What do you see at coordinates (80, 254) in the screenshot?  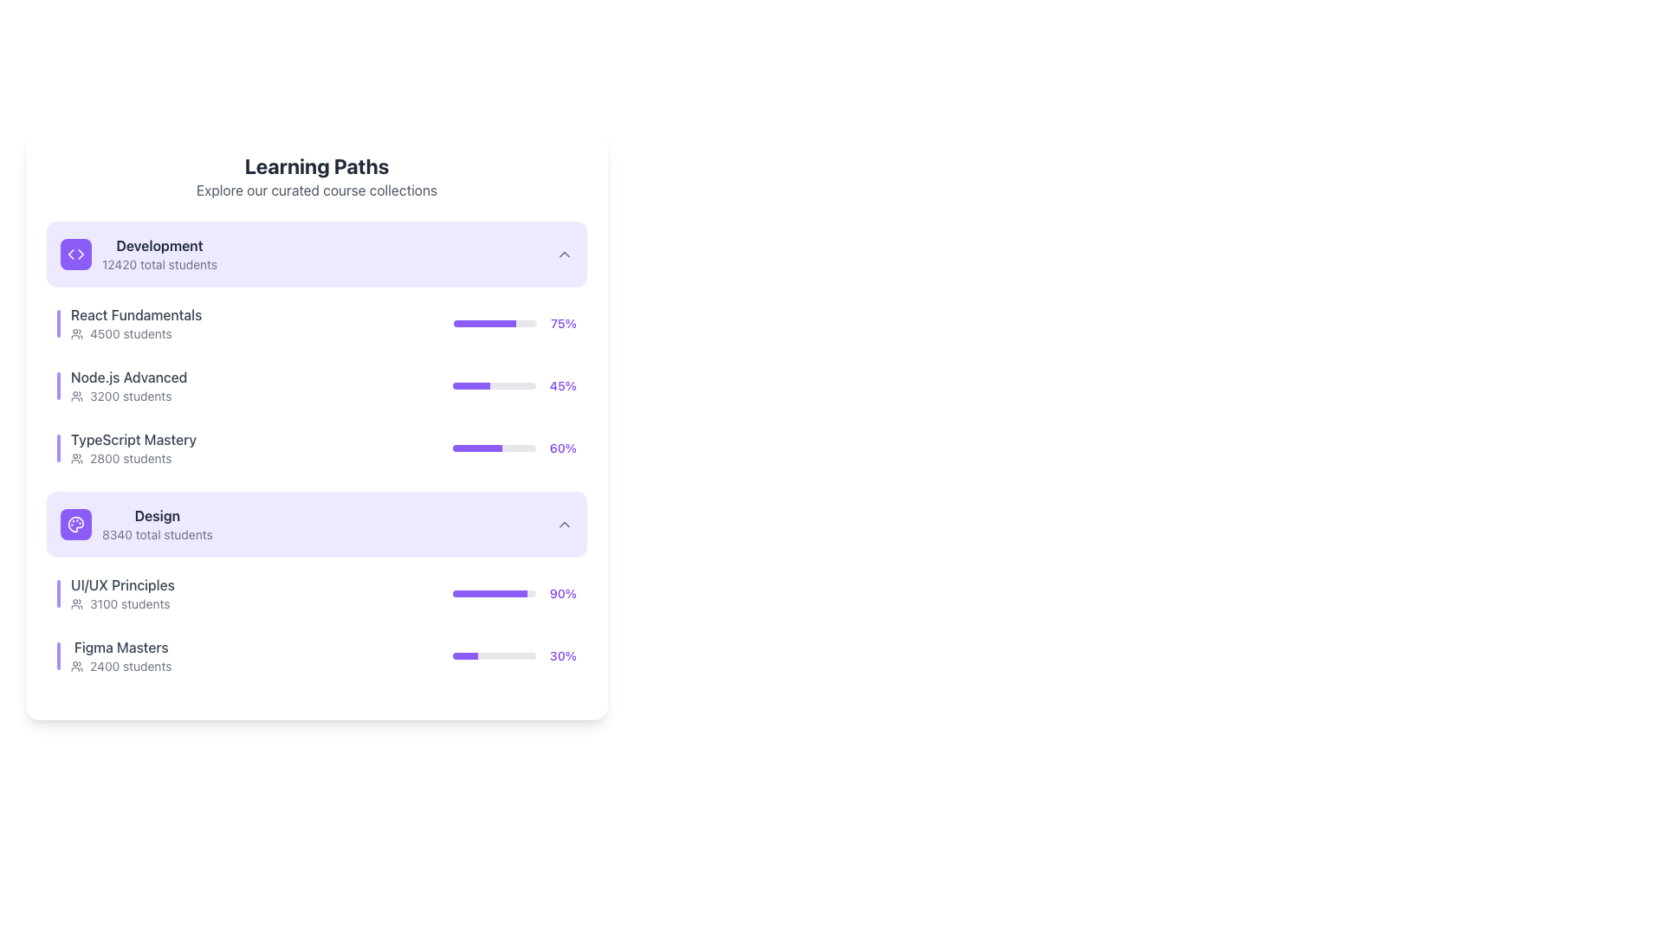 I see `the rightward chevron SVG element located to the left of the 'Development' header in the 'Learning Paths' section` at bounding box center [80, 254].